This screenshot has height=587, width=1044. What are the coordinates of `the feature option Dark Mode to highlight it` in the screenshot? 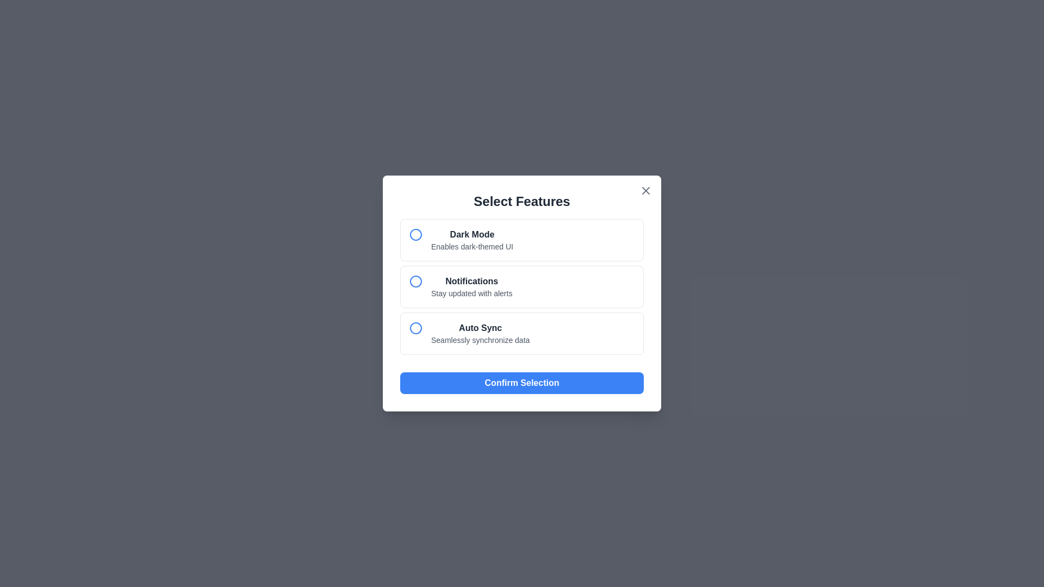 It's located at (522, 240).